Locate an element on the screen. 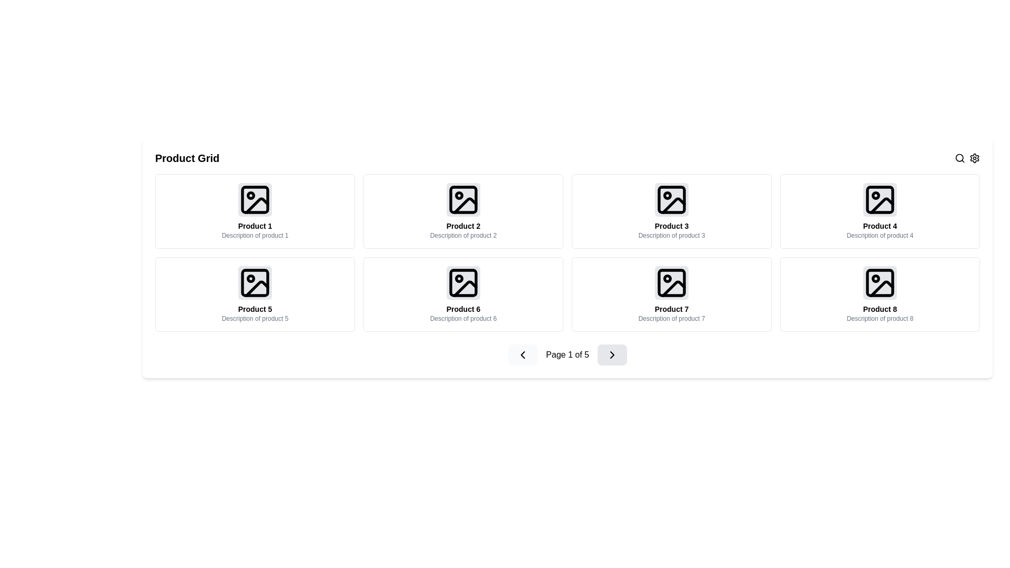 This screenshot has height=568, width=1010. the text label displaying the title of 'Product 5', located above the description and below the image placeholder icon is located at coordinates (255, 308).